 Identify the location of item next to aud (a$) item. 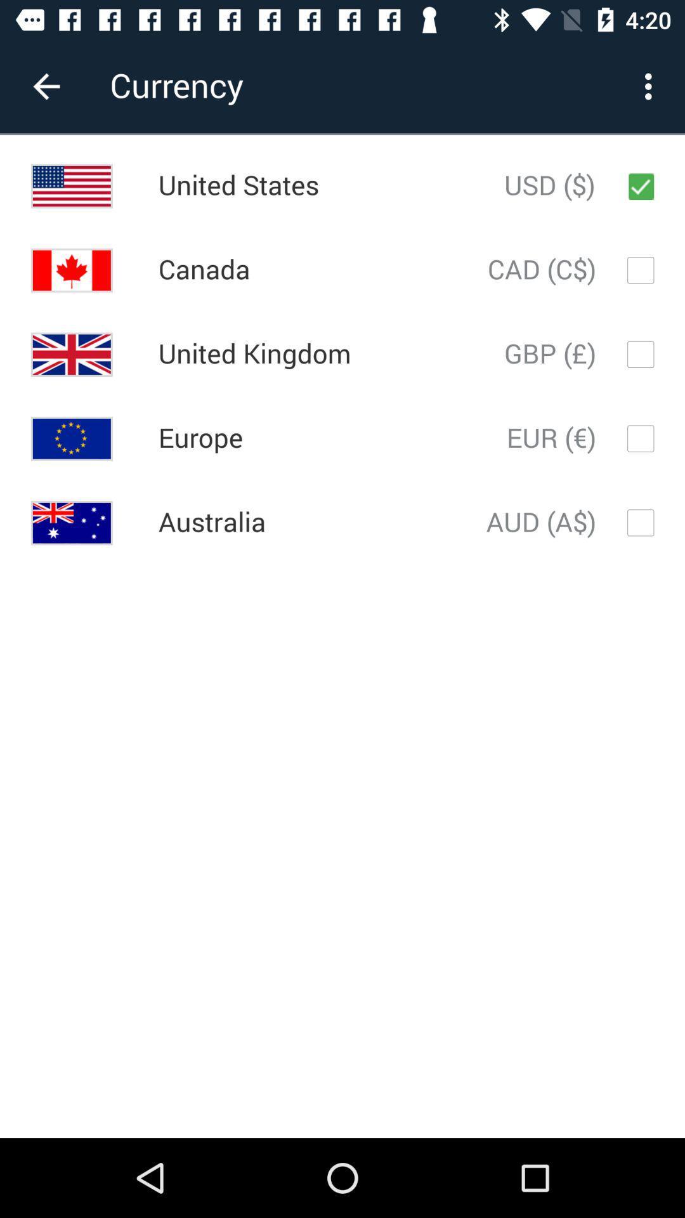
(211, 523).